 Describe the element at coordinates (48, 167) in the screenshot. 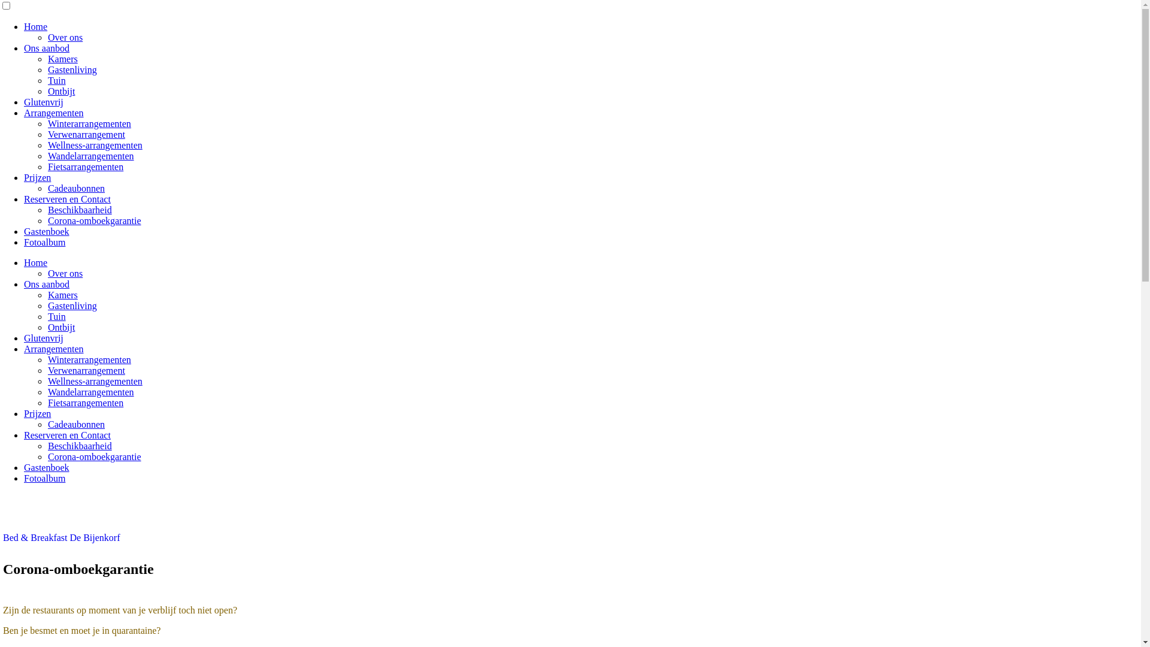

I see `'Fietsarrangementen'` at that location.